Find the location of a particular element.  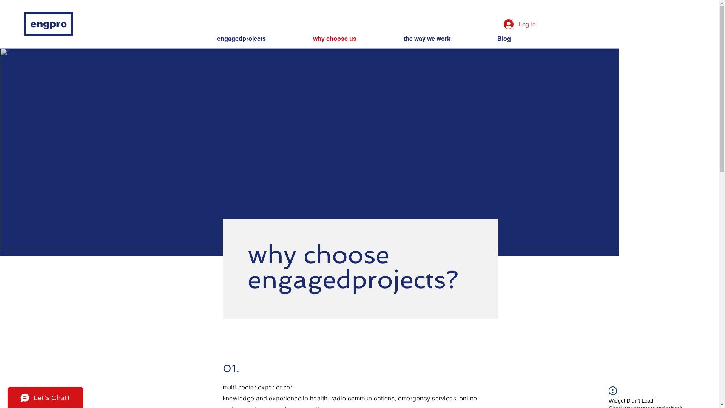

'why choose us' is located at coordinates (352, 39).